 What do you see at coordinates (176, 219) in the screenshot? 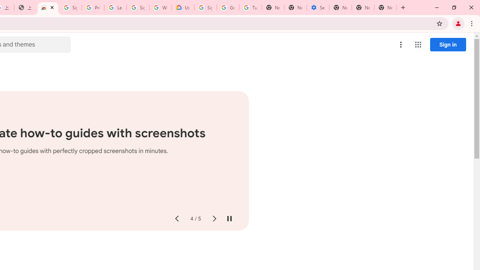
I see `'Previous slide'` at bounding box center [176, 219].